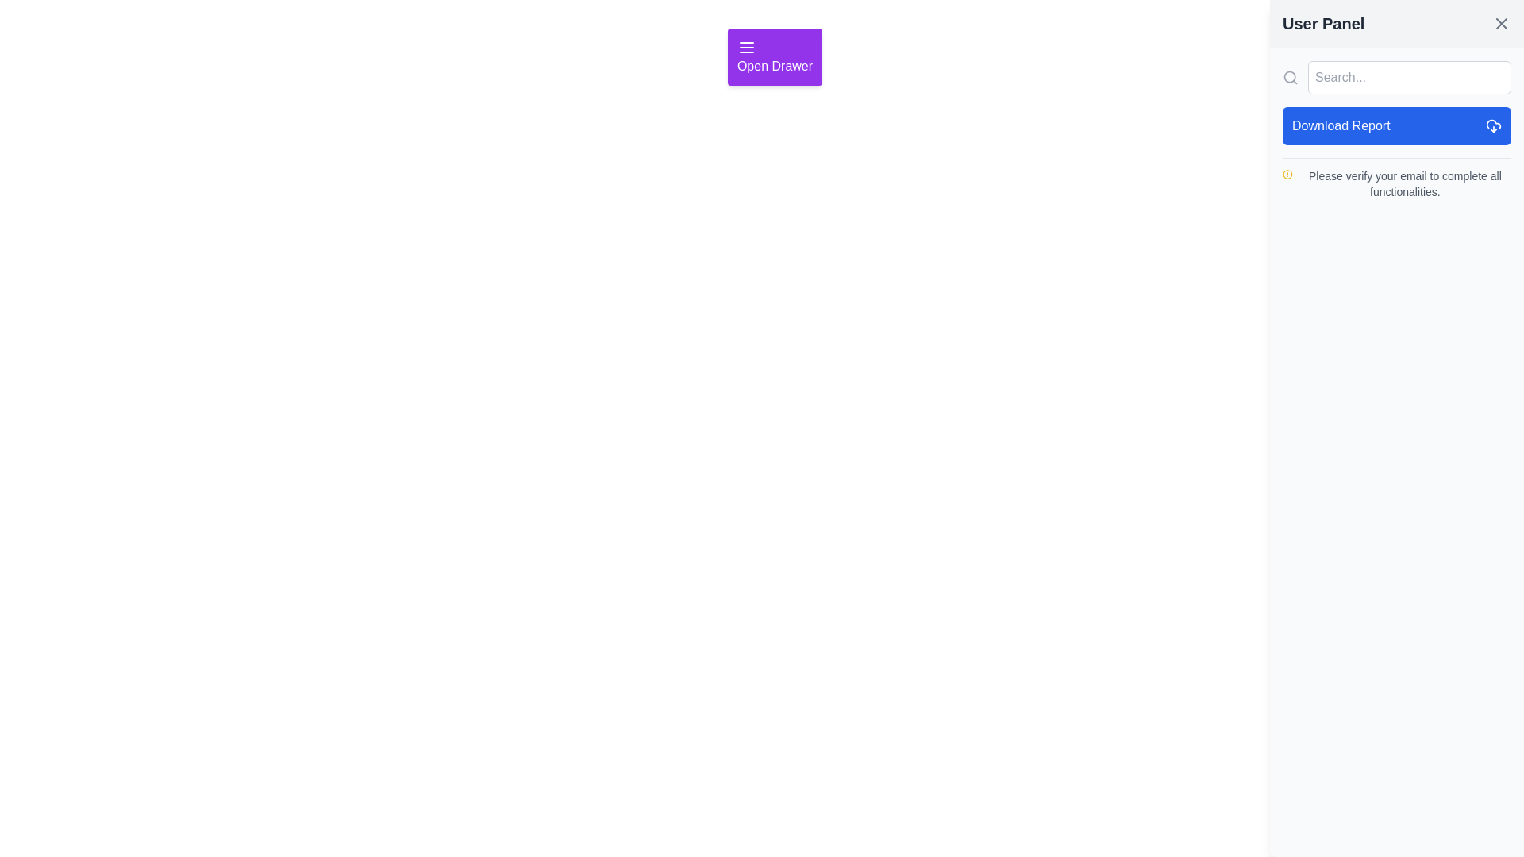  What do you see at coordinates (1397, 183) in the screenshot?
I see `informational message prompting the user to verify their email, located near the bottom of the 'User Panel' sidebar, directly under the 'Download Report' button` at bounding box center [1397, 183].